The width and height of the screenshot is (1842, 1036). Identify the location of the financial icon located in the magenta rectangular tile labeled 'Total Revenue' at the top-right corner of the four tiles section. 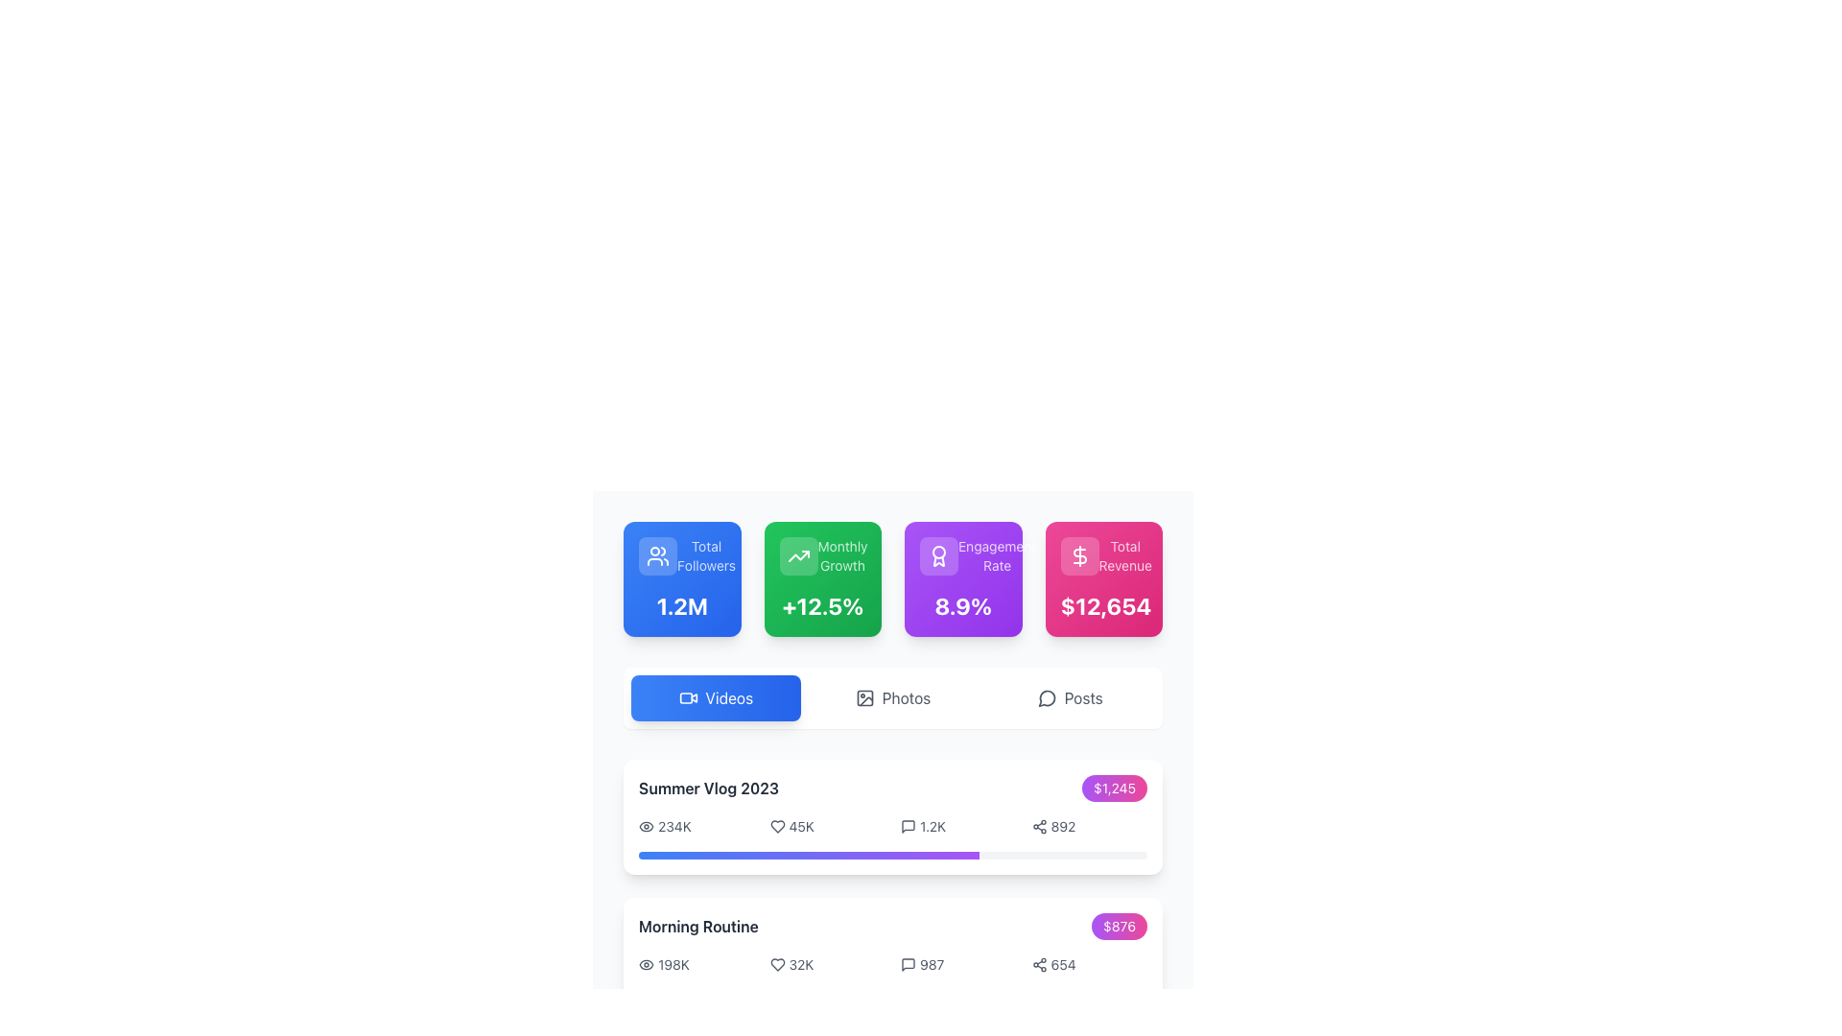
(1079, 555).